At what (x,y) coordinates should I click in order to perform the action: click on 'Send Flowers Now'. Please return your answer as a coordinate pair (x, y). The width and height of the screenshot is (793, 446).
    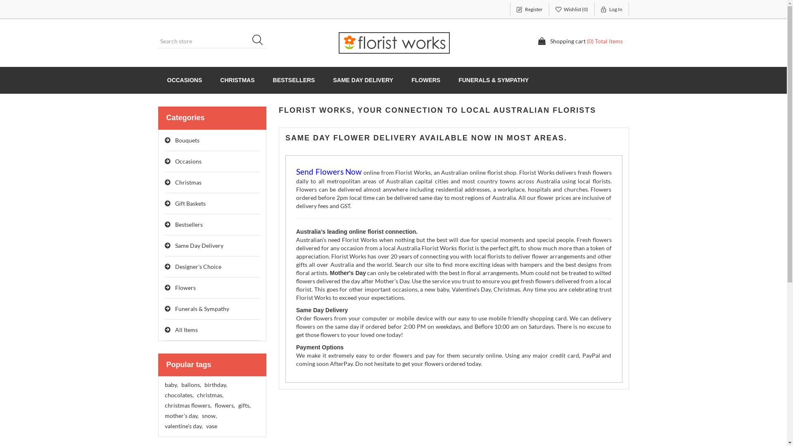
    Looking at the image, I should click on (328, 172).